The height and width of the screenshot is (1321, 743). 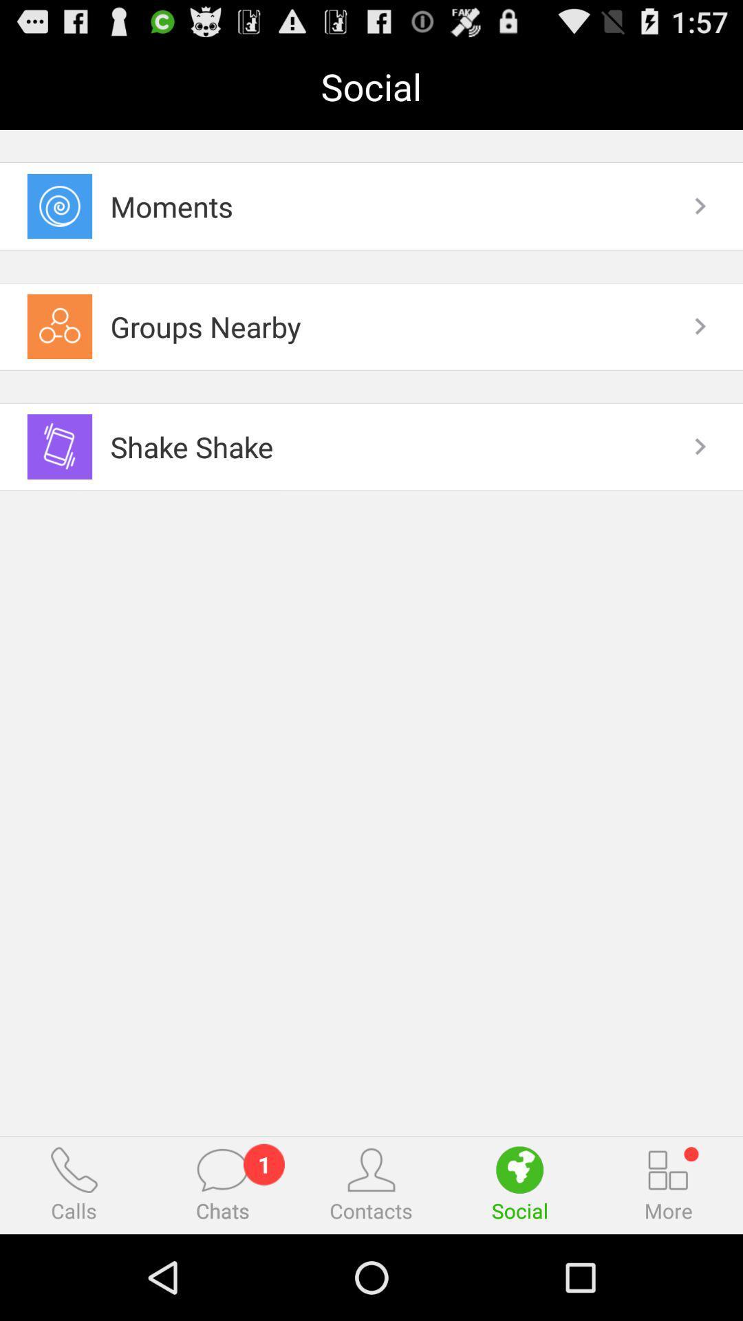 What do you see at coordinates (700, 205) in the screenshot?
I see `front arrow which is beside moments` at bounding box center [700, 205].